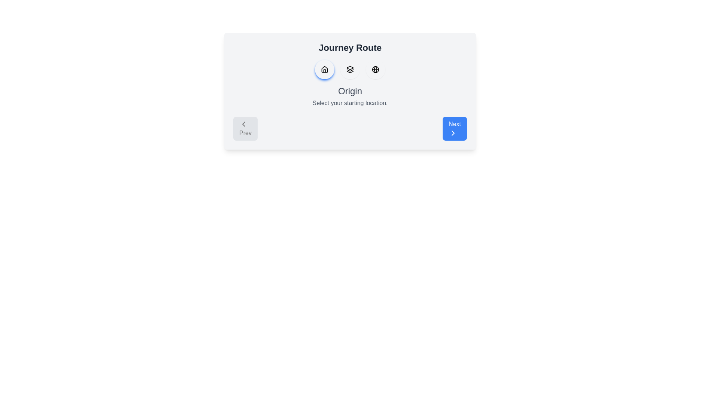 Image resolution: width=719 pixels, height=404 pixels. I want to click on the right-pointing arrow icon within the 'Next' button located at the bottom right corner of the 'Journey Route' dialog to proceed to the next step, so click(453, 132).